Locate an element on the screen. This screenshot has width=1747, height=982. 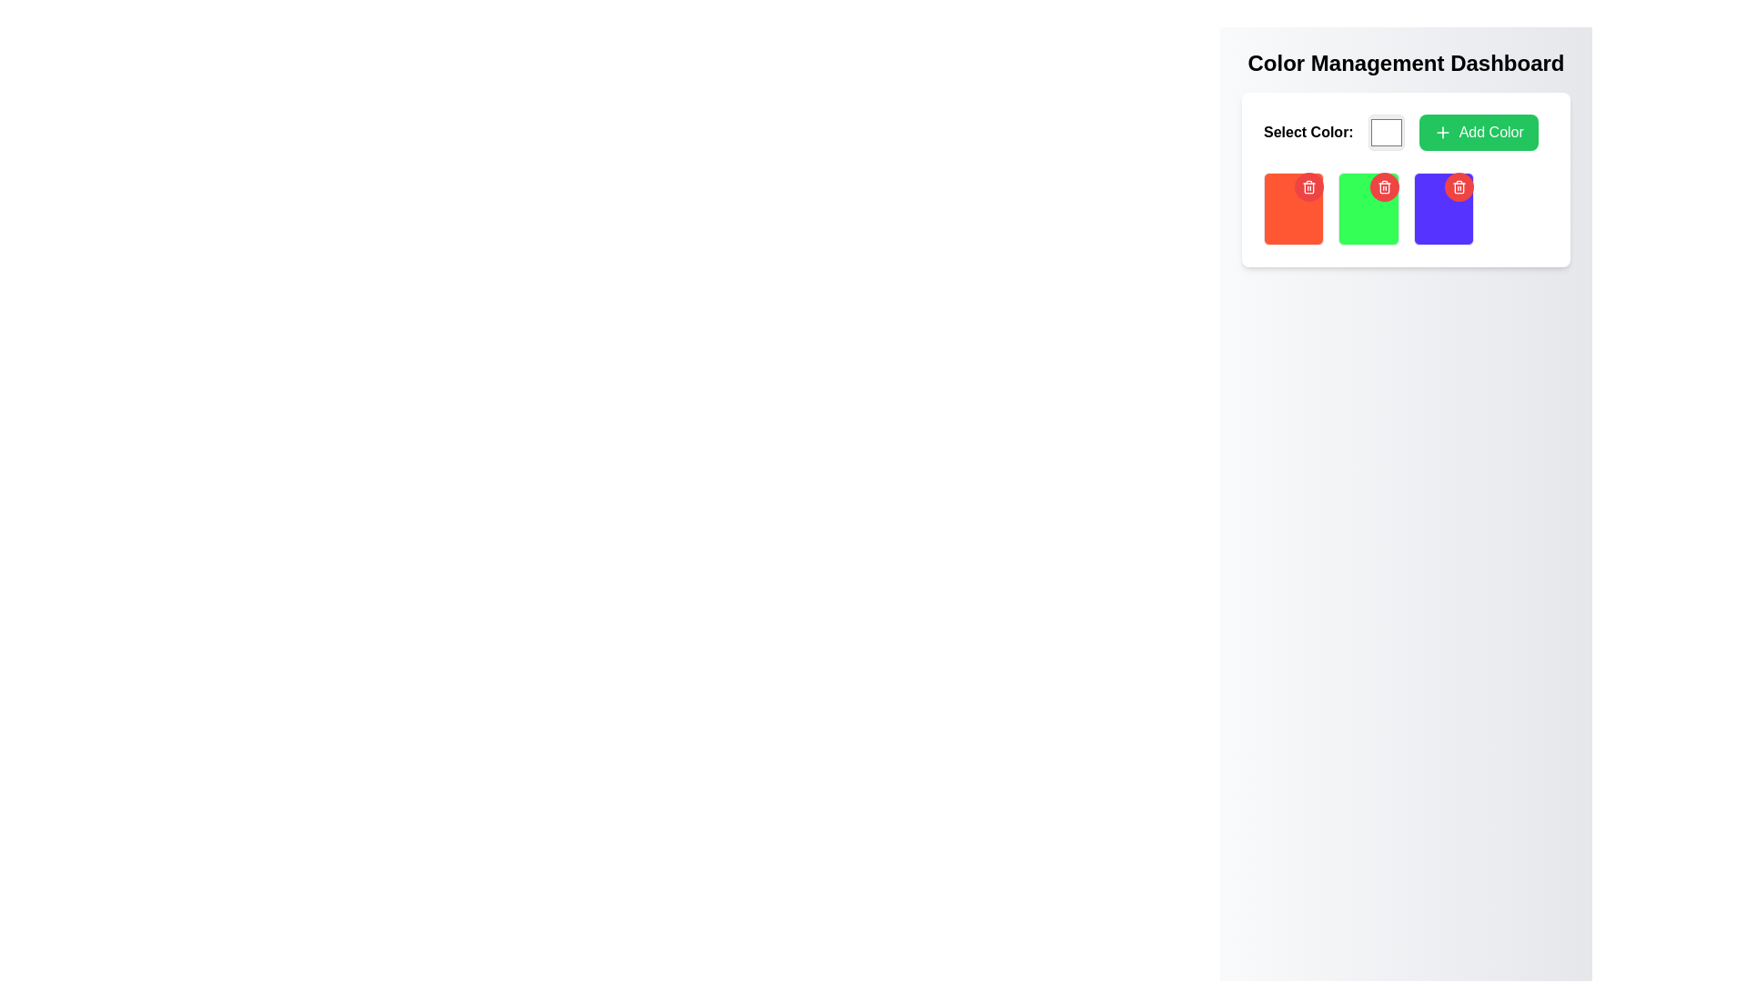
the circular red button with a white trash can icon located at the top-right corner of the purple card is located at coordinates (1459, 186).